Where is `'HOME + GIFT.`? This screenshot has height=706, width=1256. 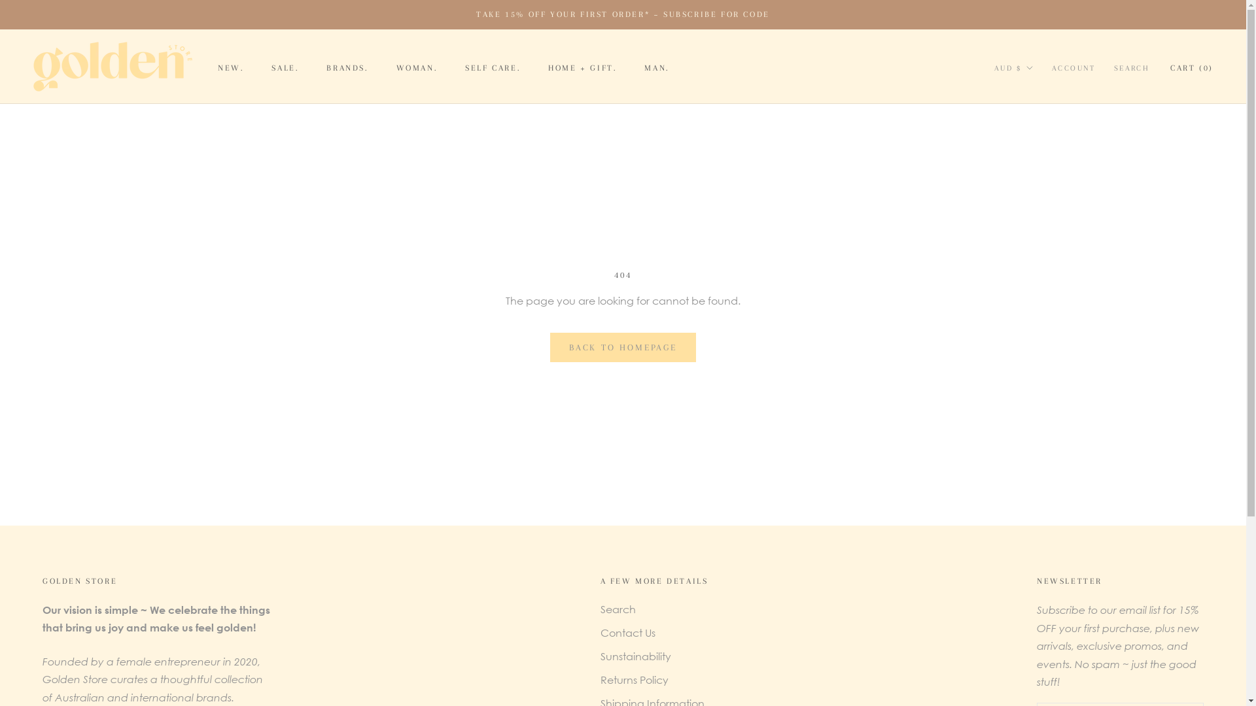
'HOME + GIFT. is located at coordinates (582, 68).